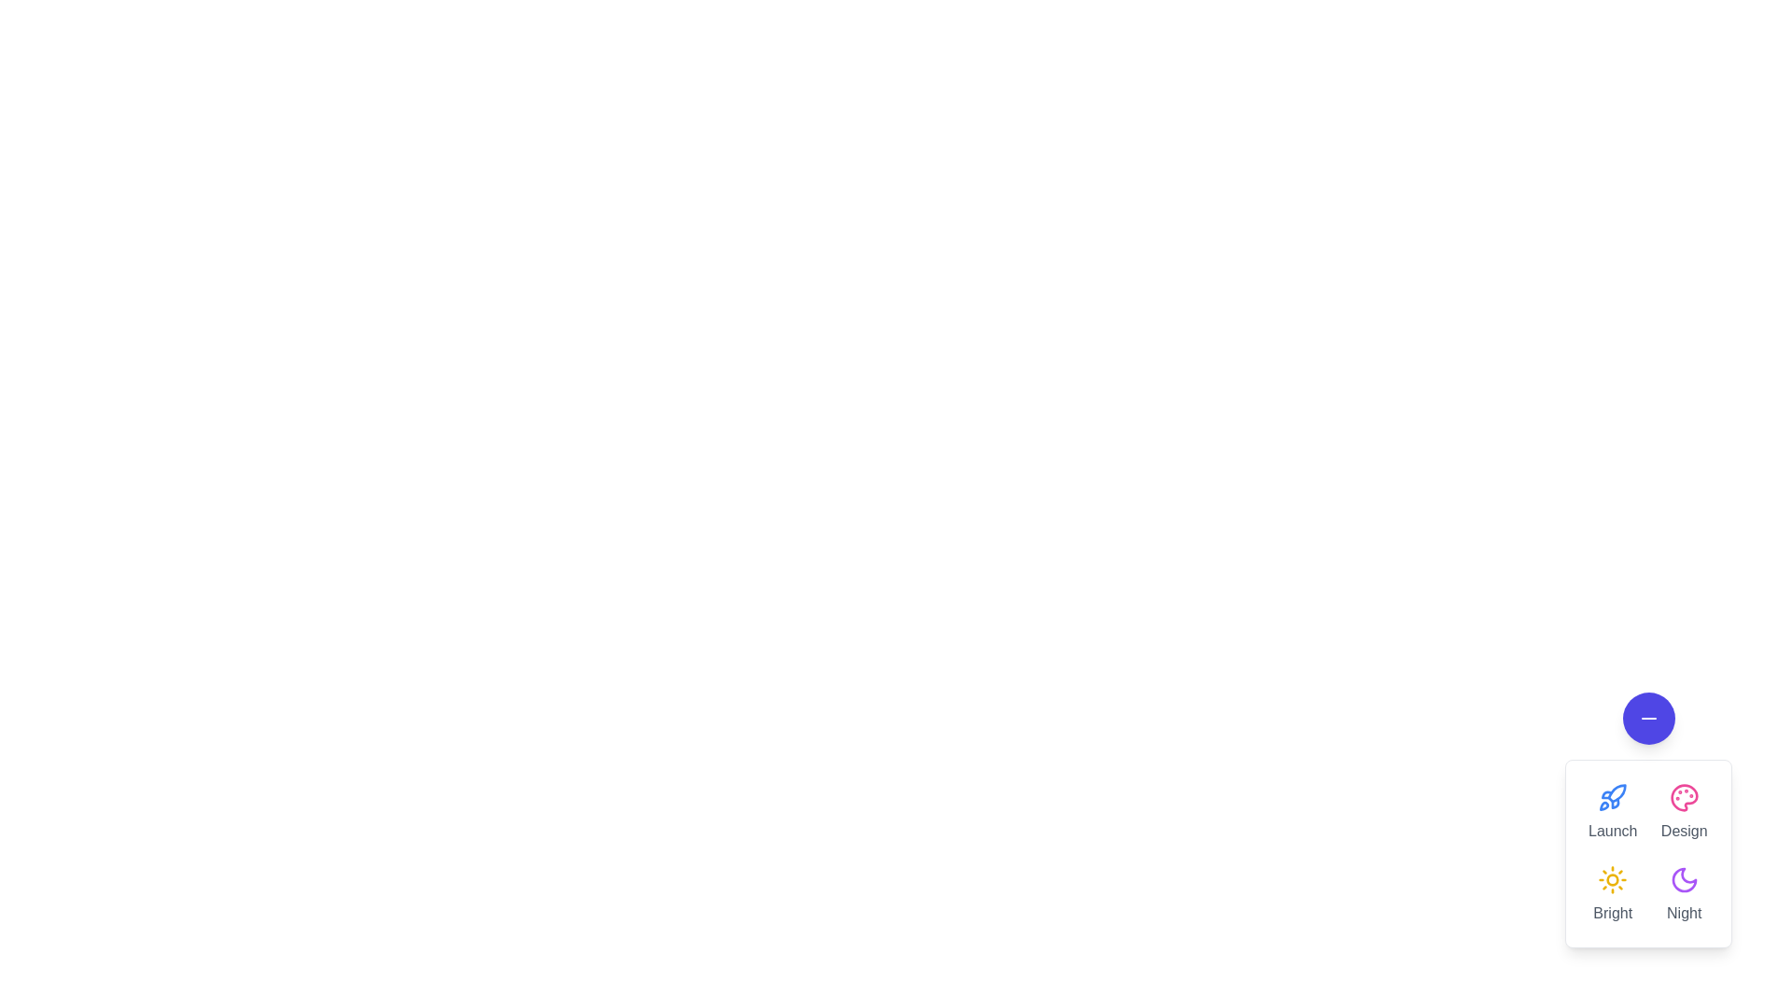  What do you see at coordinates (1684, 894) in the screenshot?
I see `the 'Night' action button` at bounding box center [1684, 894].